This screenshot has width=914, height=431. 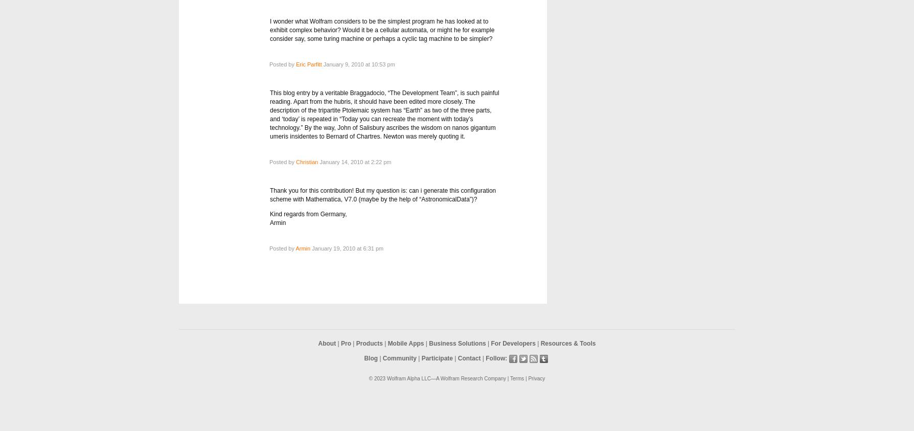 What do you see at coordinates (308, 213) in the screenshot?
I see `'Kind regards from Germany,'` at bounding box center [308, 213].